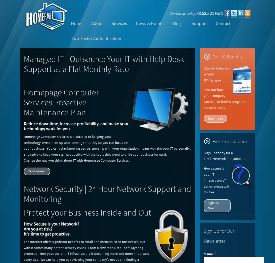  I want to click on 'Reduce downtime, increase profitability, and make your technology work for you.', so click(76, 126).